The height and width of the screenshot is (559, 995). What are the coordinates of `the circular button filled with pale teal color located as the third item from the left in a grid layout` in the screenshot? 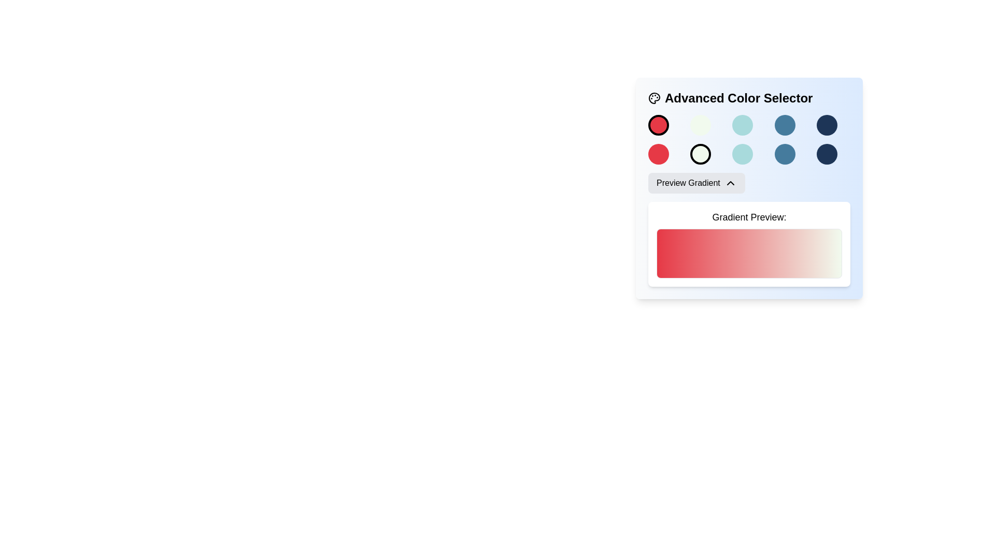 It's located at (742, 154).